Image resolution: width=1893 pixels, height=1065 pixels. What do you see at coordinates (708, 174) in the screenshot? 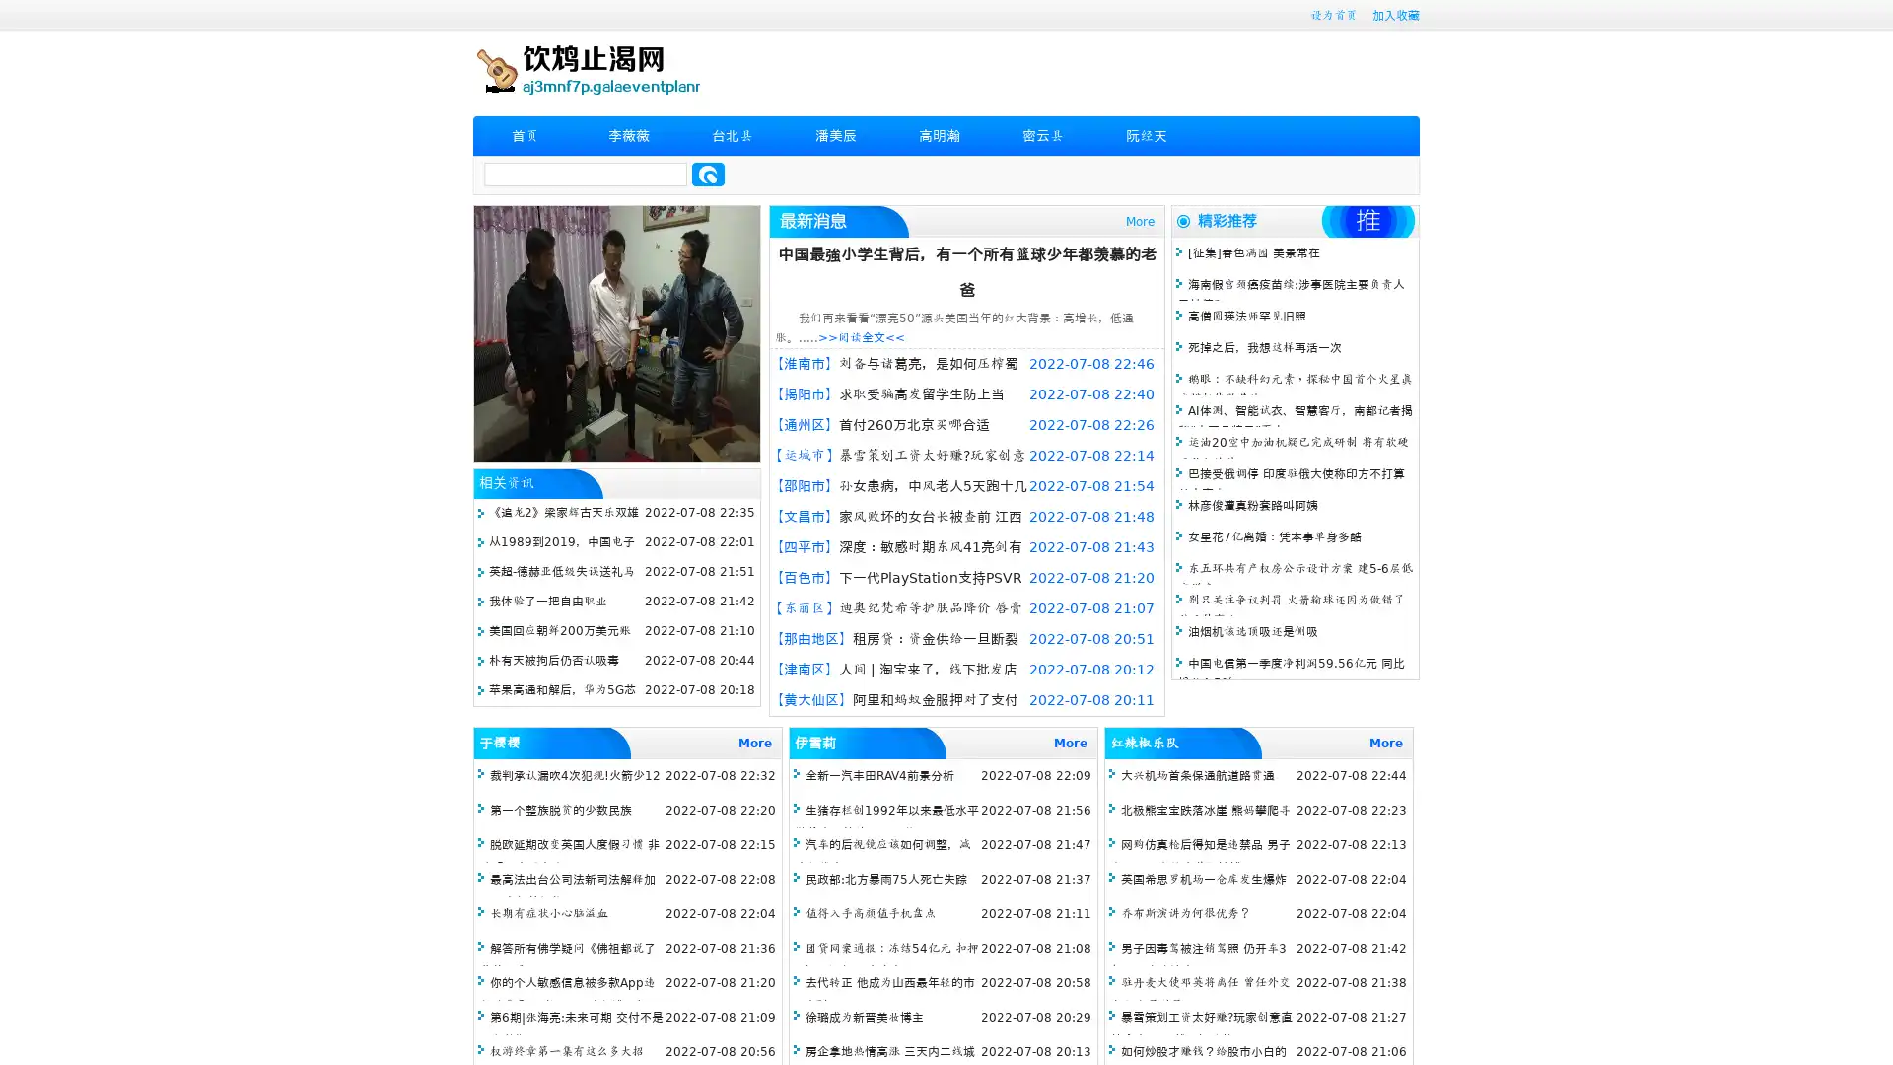
I see `Search` at bounding box center [708, 174].